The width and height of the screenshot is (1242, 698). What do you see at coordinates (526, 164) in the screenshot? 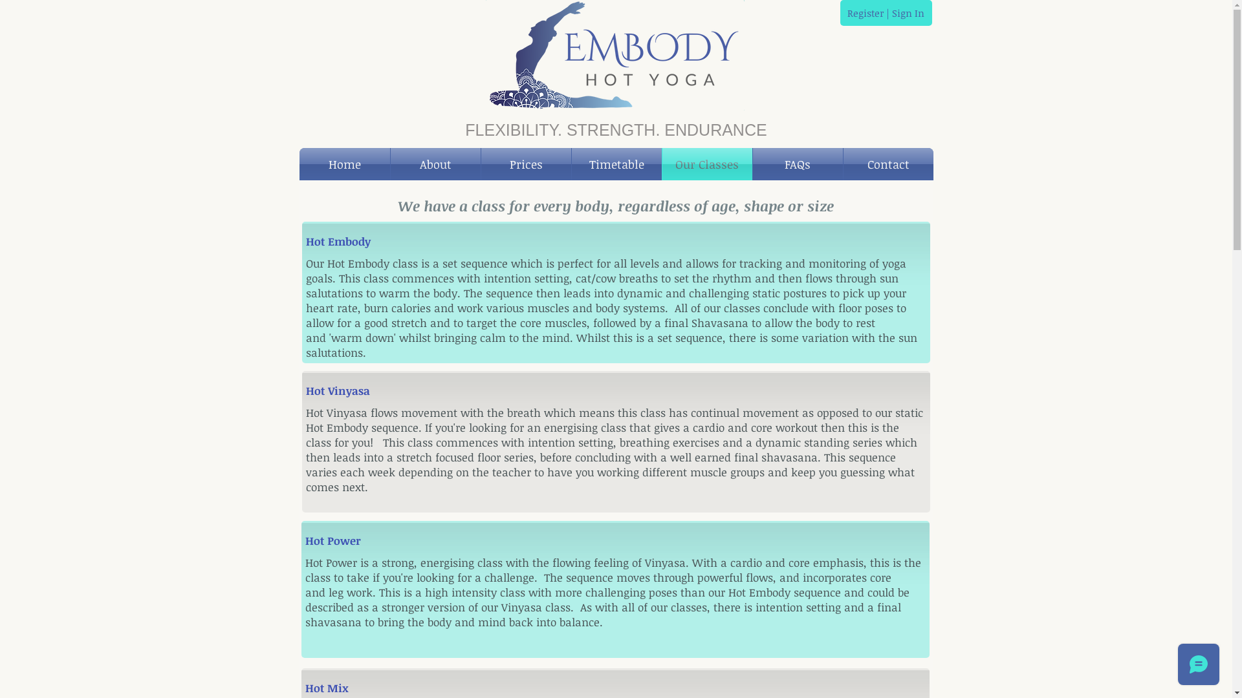
I see `'Prices'` at bounding box center [526, 164].